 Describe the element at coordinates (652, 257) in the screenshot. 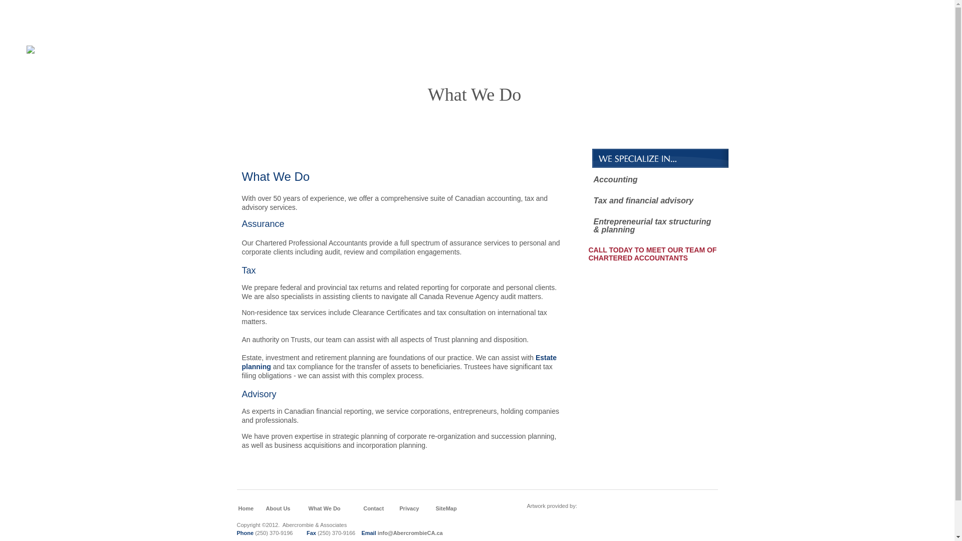

I see `'CALL TODAY TO MEET OUR TEAM OF CHARTERED ACCOUNTANTS'` at that location.